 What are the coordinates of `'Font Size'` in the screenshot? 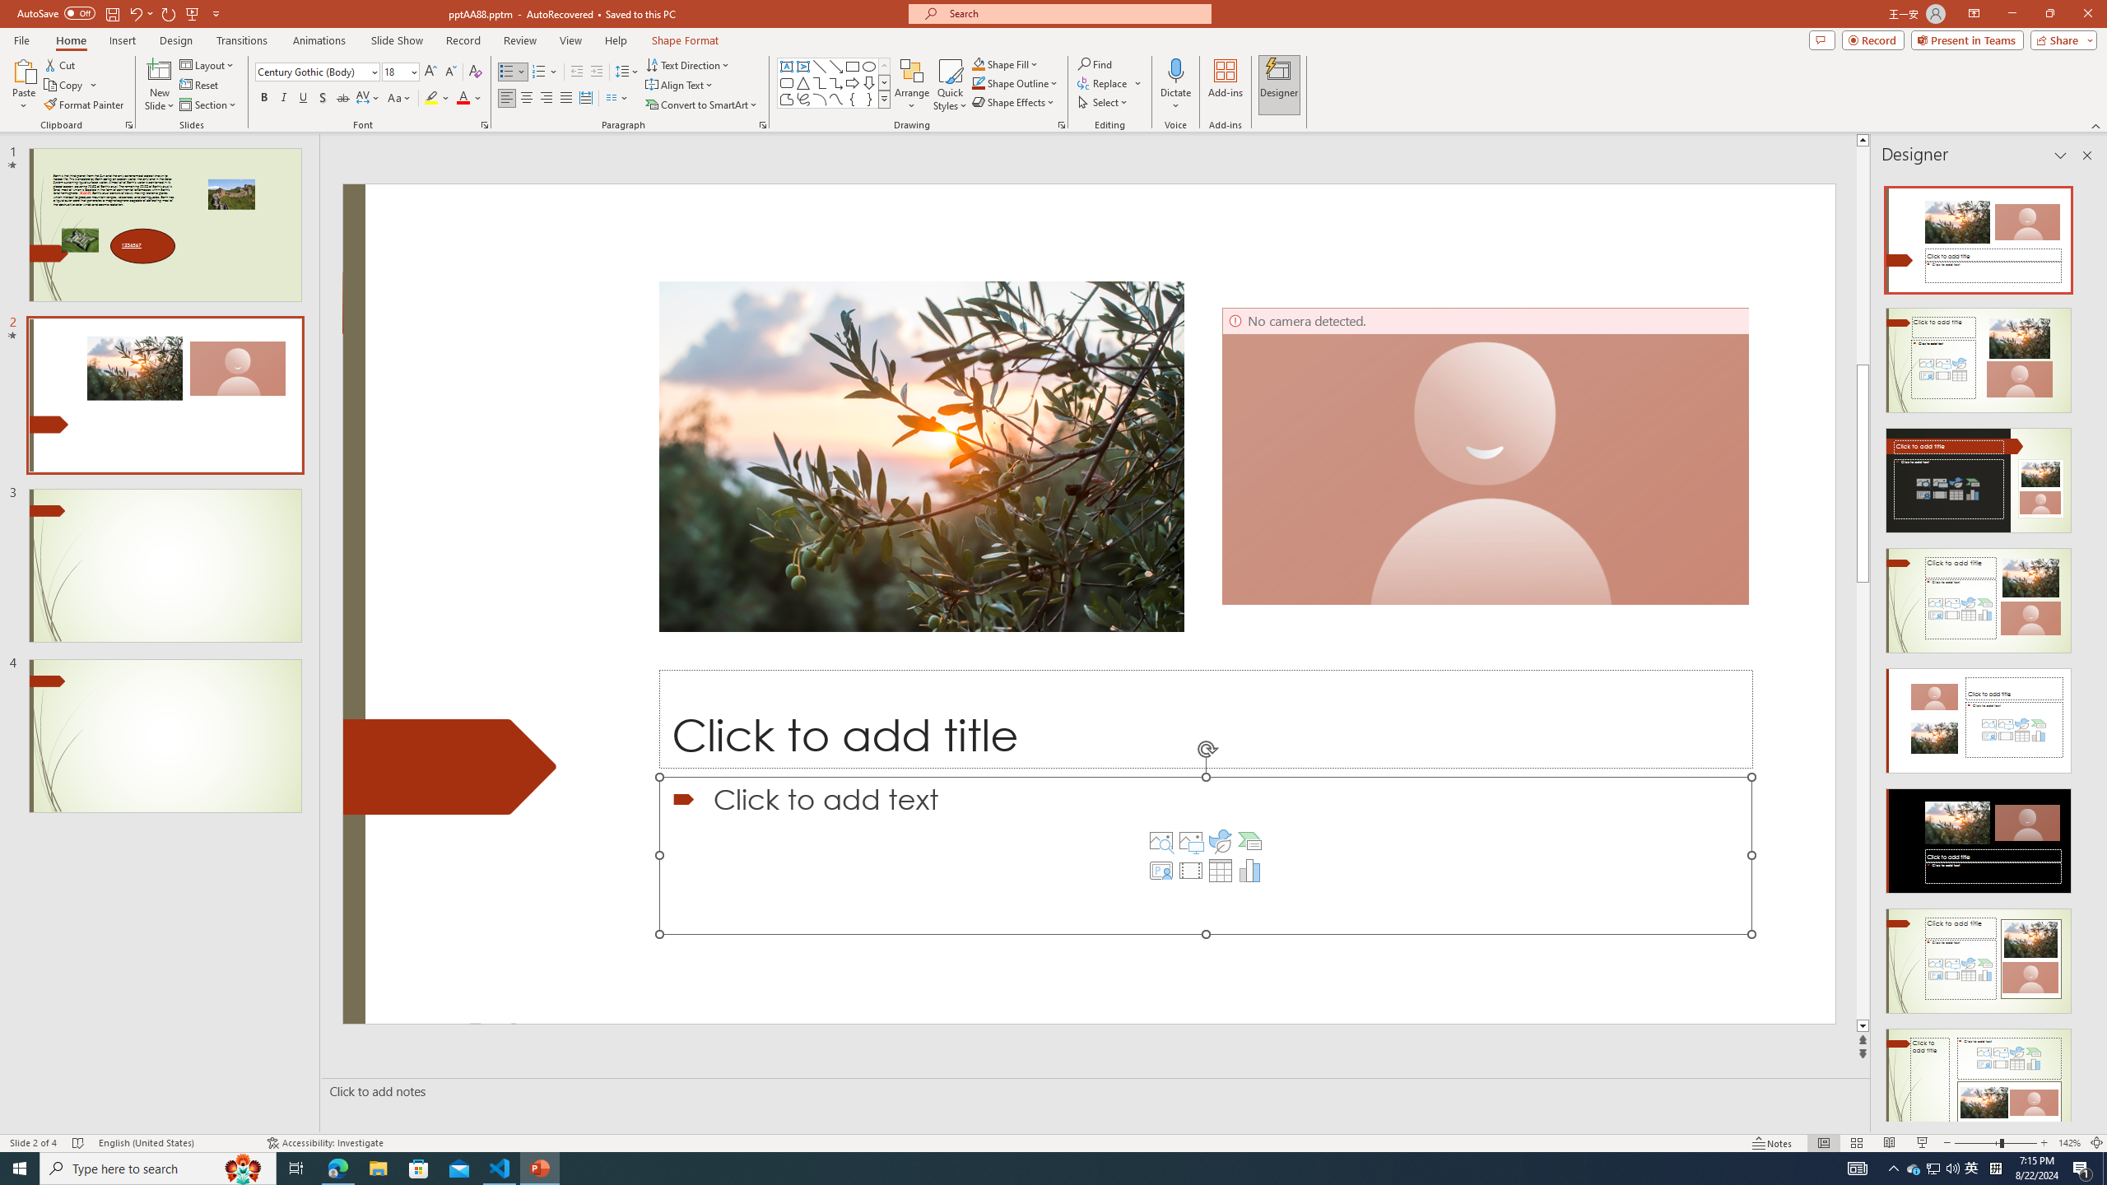 It's located at (396, 72).